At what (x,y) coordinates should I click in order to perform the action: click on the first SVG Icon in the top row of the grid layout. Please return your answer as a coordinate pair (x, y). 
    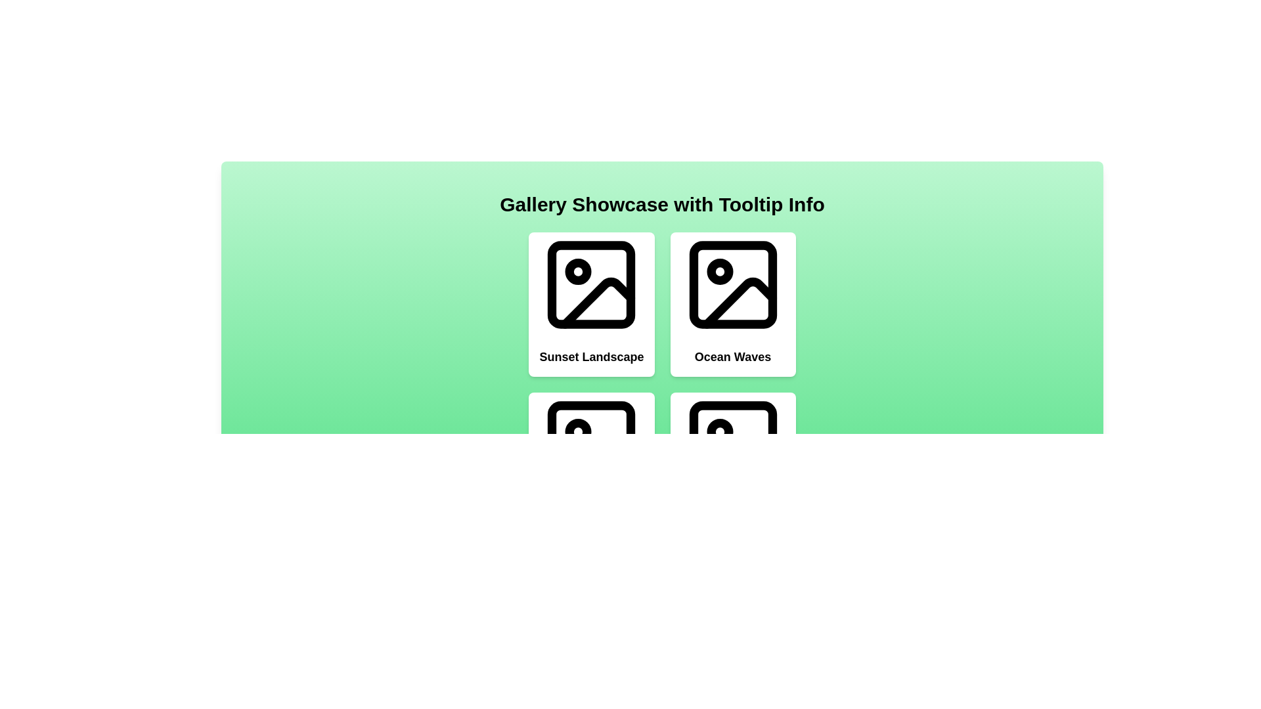
    Looking at the image, I should click on (591, 284).